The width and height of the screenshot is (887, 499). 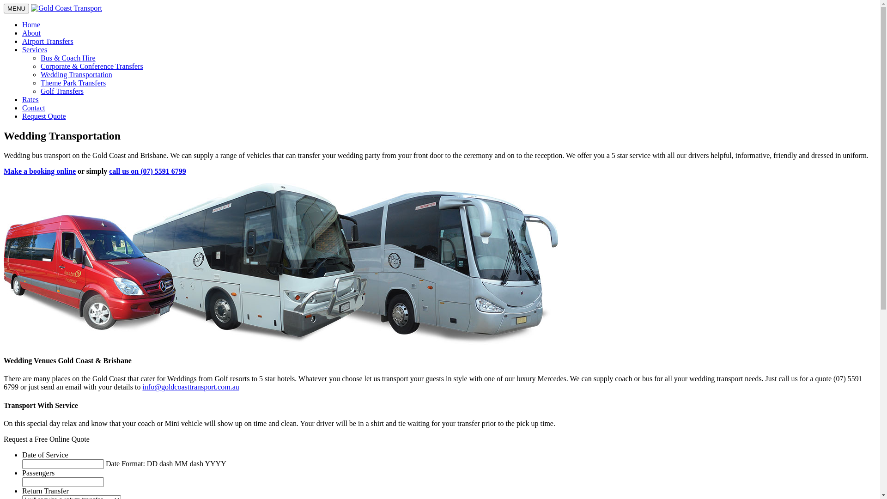 What do you see at coordinates (30, 99) in the screenshot?
I see `'Rates'` at bounding box center [30, 99].